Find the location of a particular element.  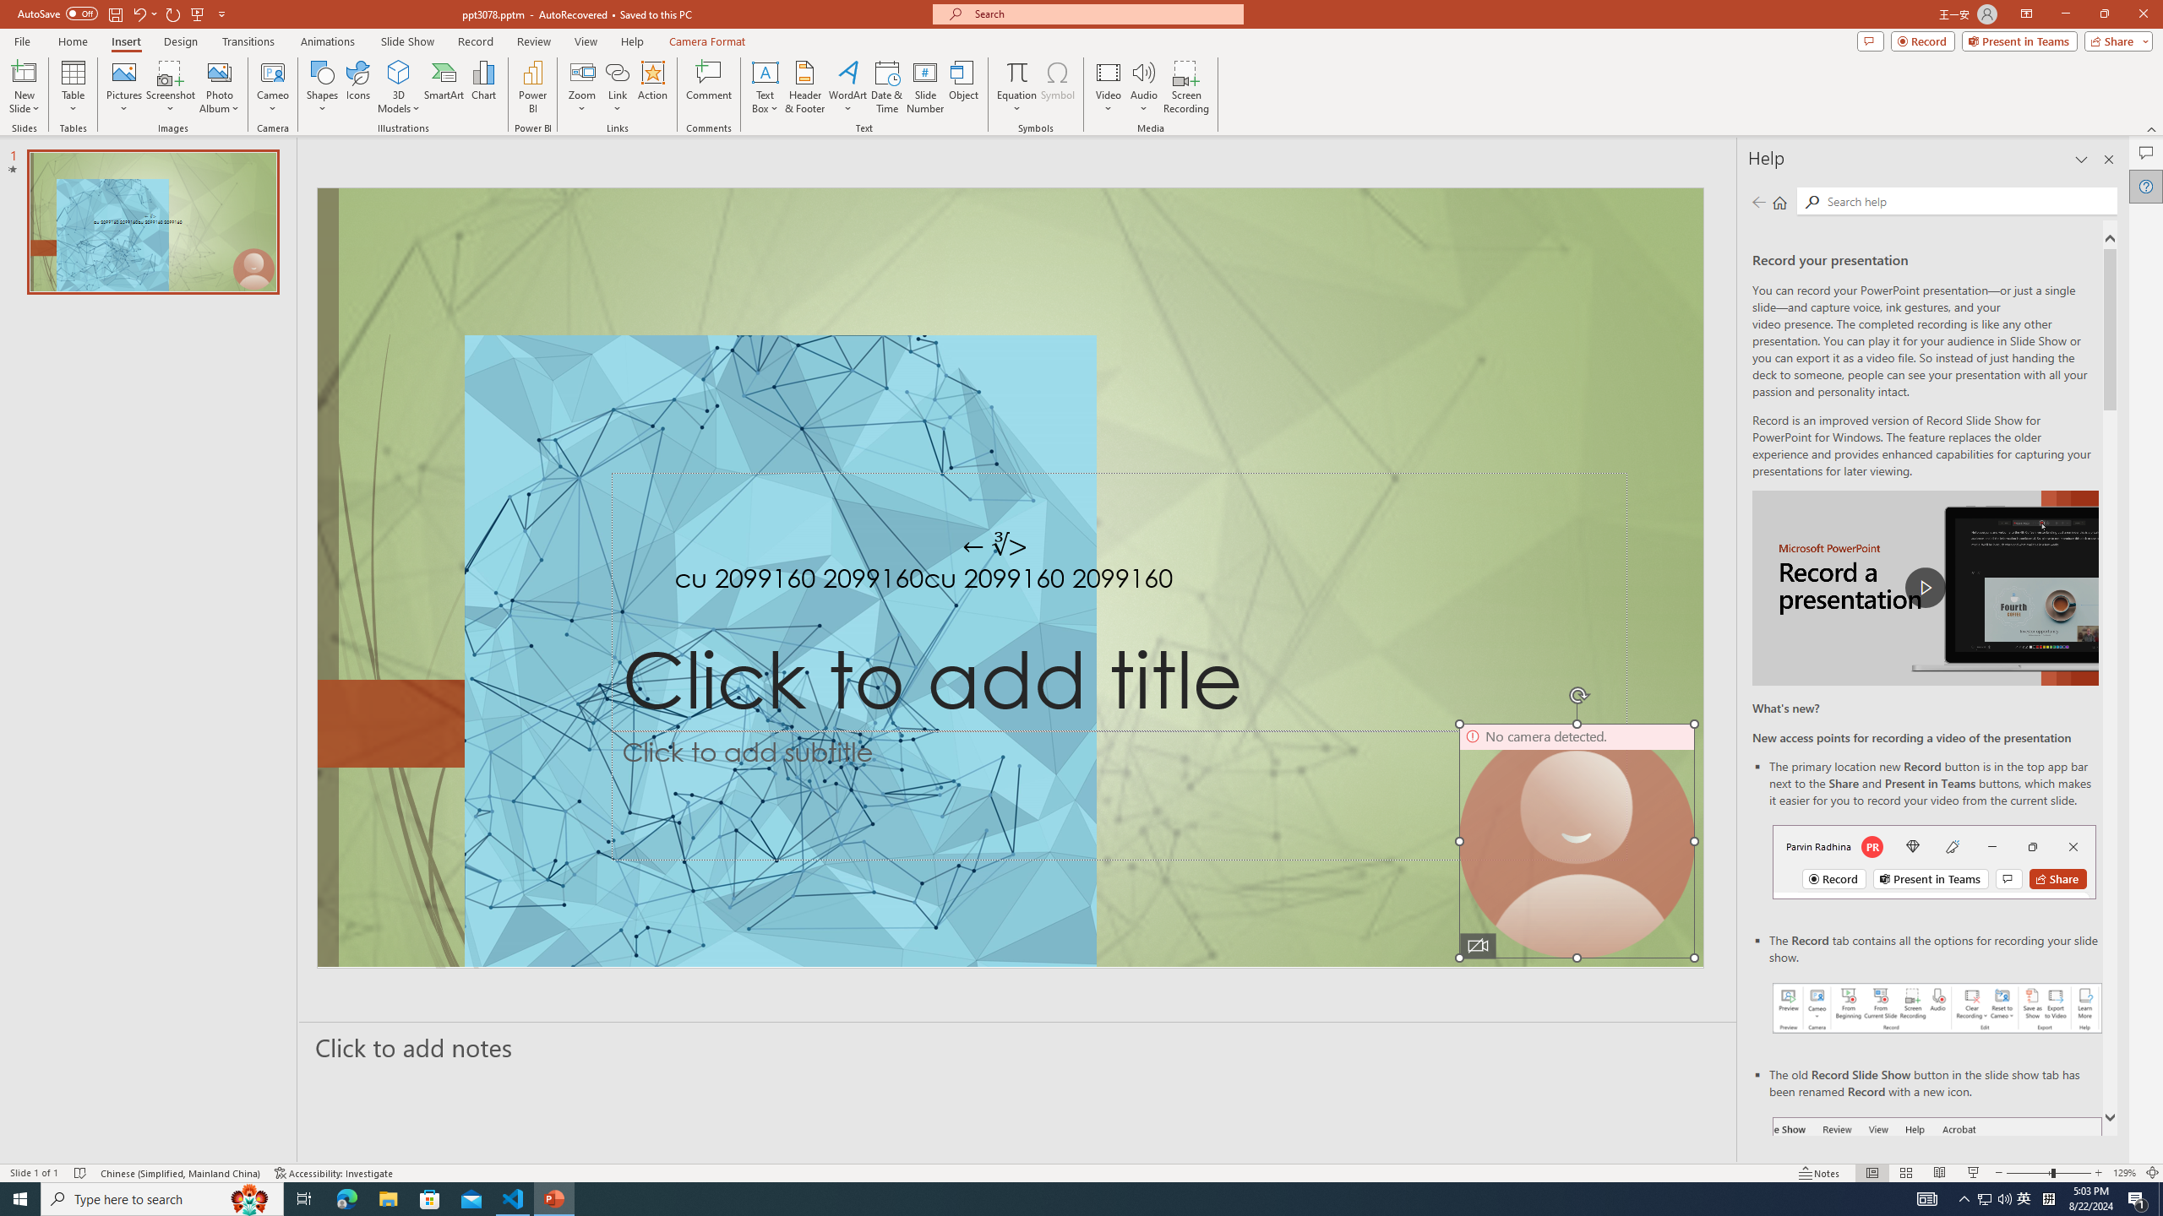

'SmartArt...' is located at coordinates (444, 87).